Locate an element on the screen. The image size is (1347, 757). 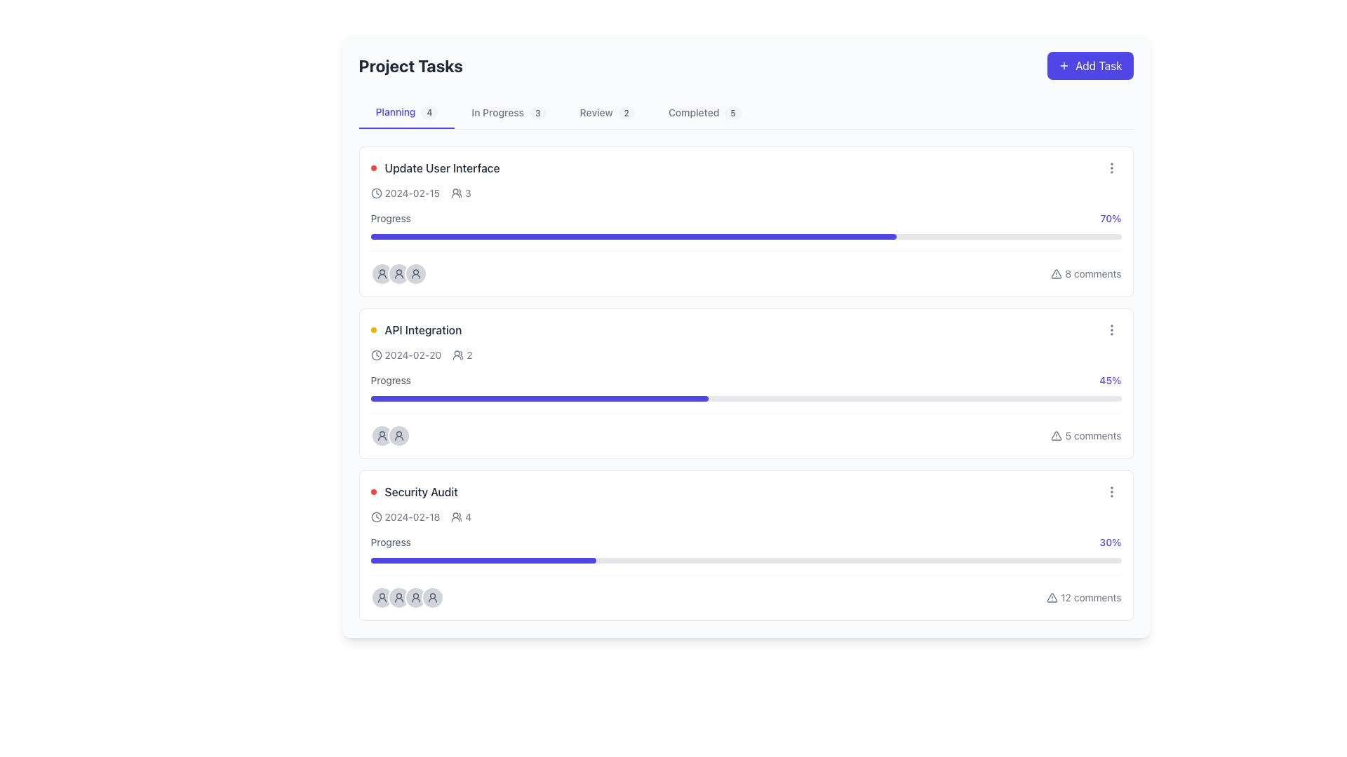
the progress bar located in the 'Security Audit' task card, which indicates 30% completion, for visual feedback is located at coordinates (745, 559).